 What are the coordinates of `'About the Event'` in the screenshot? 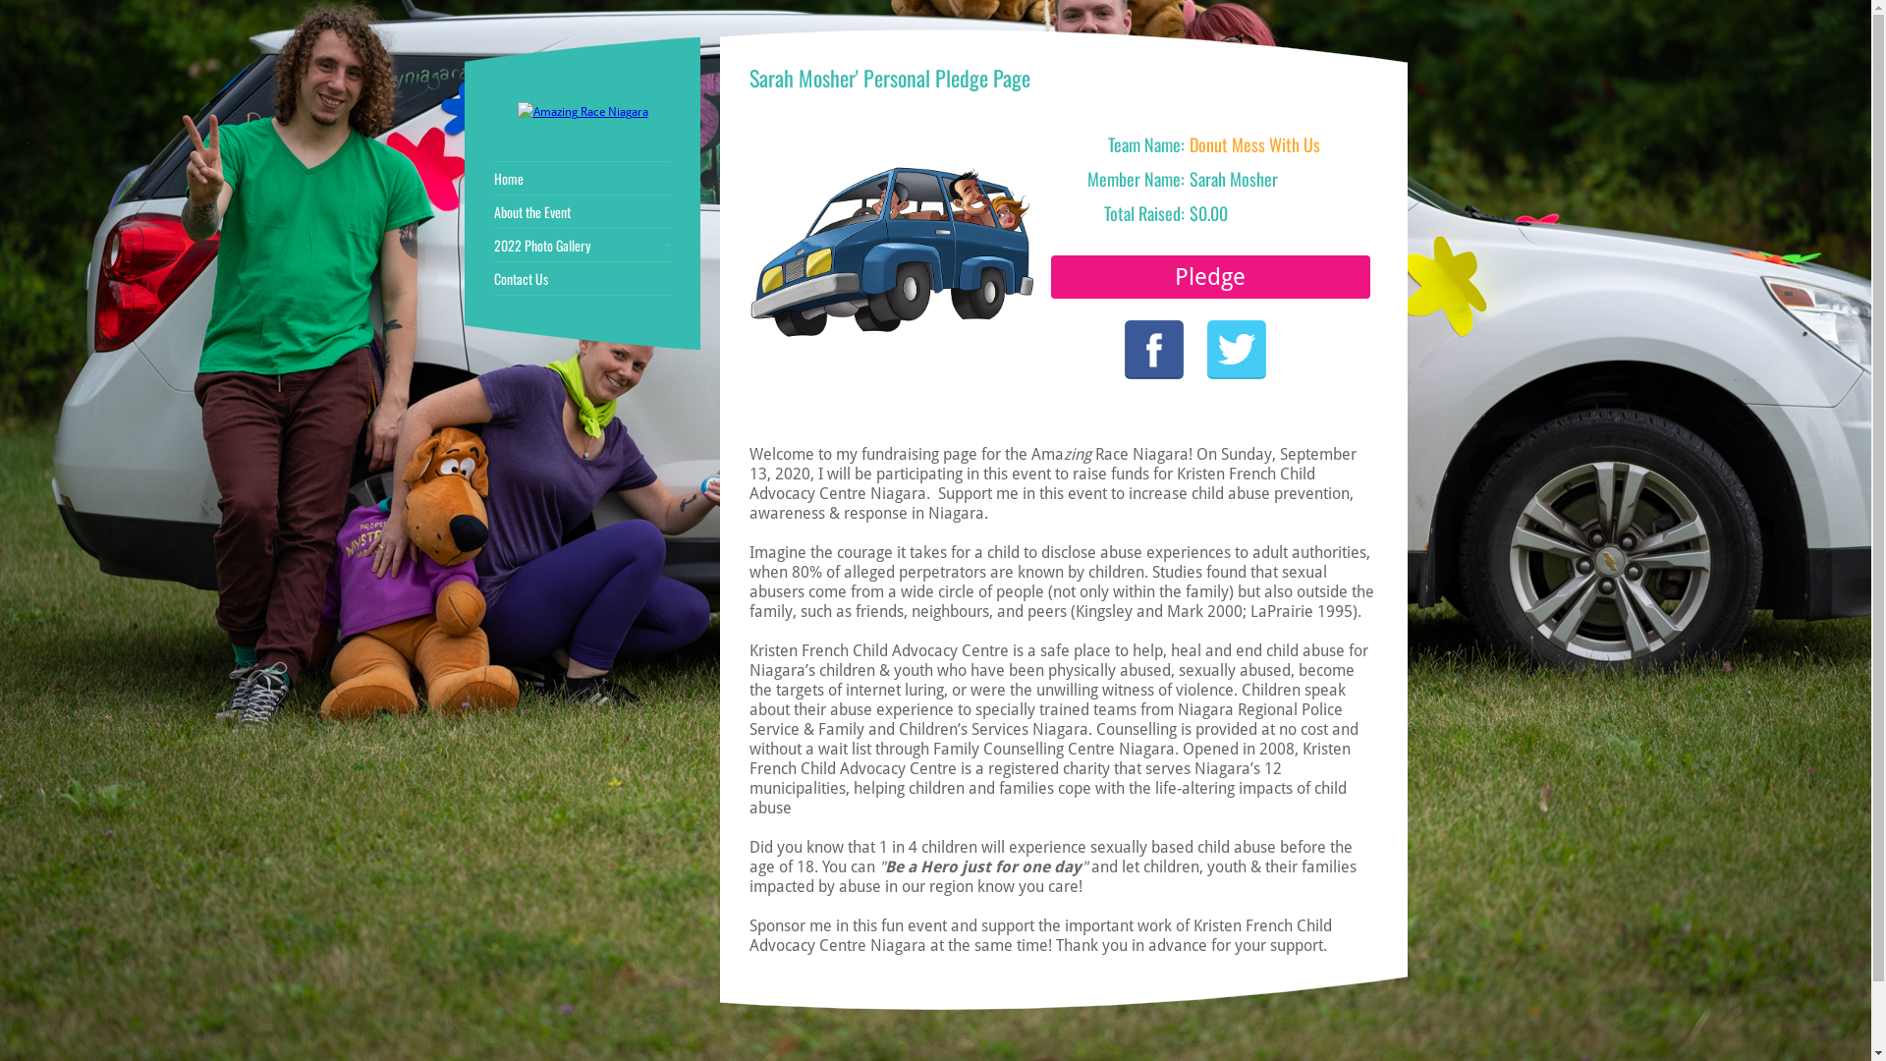 It's located at (494, 212).